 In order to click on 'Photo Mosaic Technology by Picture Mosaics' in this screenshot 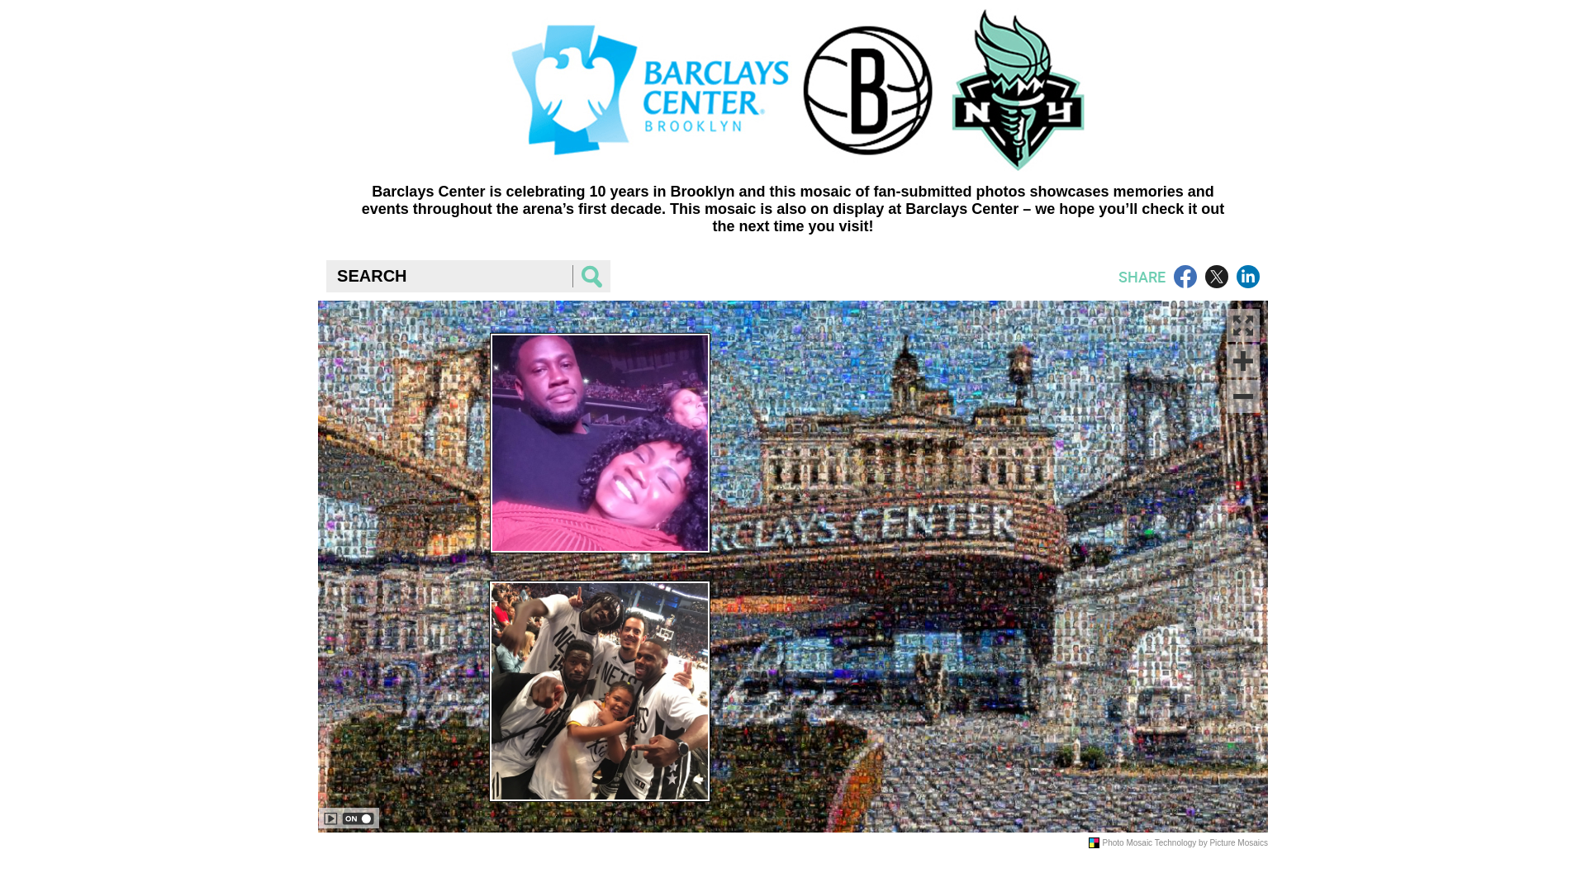, I will do `click(1185, 842)`.